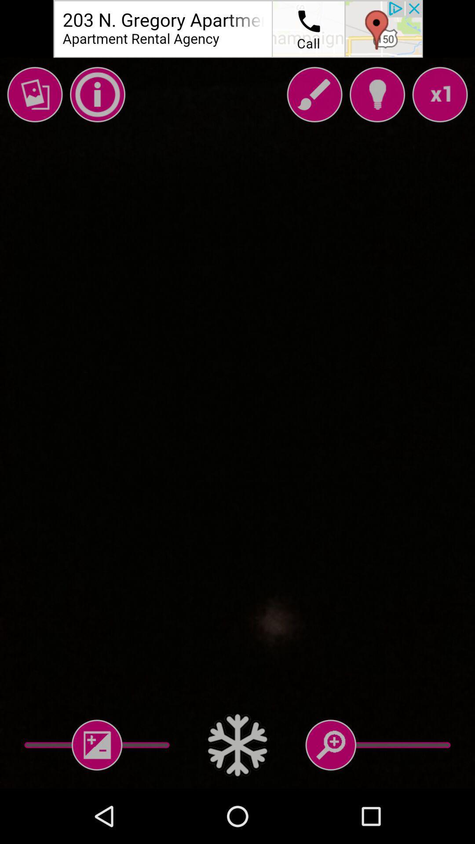 This screenshot has width=475, height=844. Describe the element at coordinates (314, 95) in the screenshot. I see `the edit icon` at that location.